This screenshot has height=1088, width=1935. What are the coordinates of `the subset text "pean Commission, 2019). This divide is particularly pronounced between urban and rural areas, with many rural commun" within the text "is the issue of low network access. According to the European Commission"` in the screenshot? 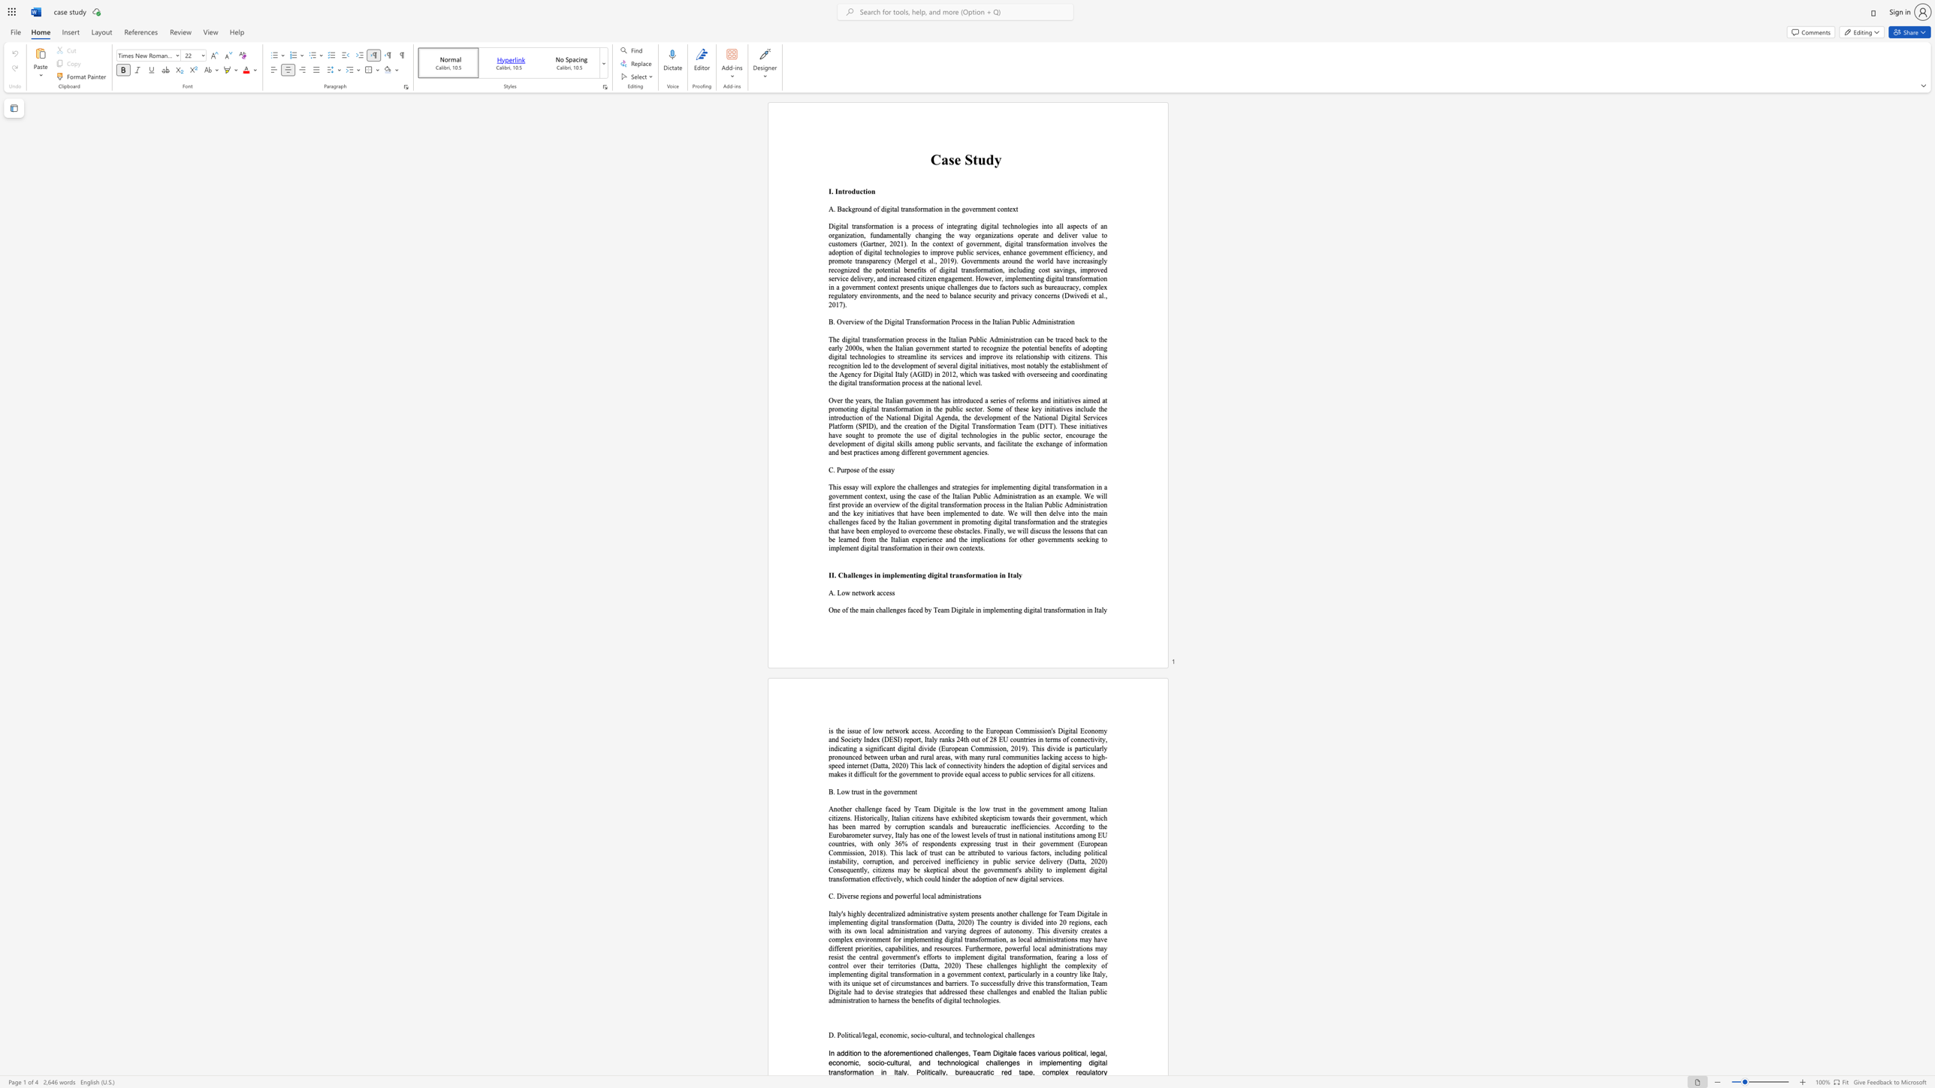 It's located at (955, 748).